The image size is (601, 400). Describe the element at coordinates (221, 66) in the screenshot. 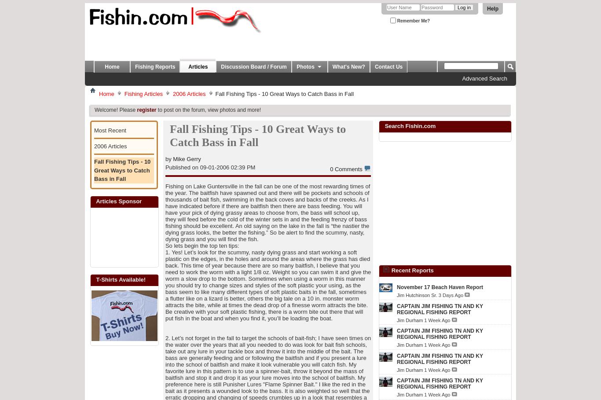

I see `'Discussion Board / Forum'` at that location.